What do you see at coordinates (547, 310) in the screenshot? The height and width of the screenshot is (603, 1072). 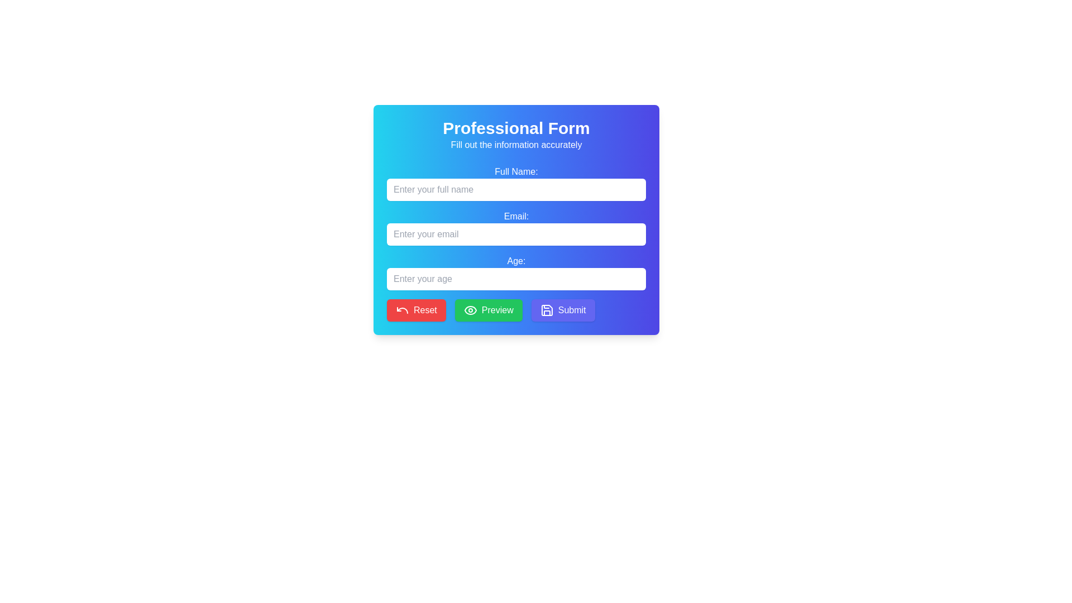 I see `the Save Icon` at bounding box center [547, 310].